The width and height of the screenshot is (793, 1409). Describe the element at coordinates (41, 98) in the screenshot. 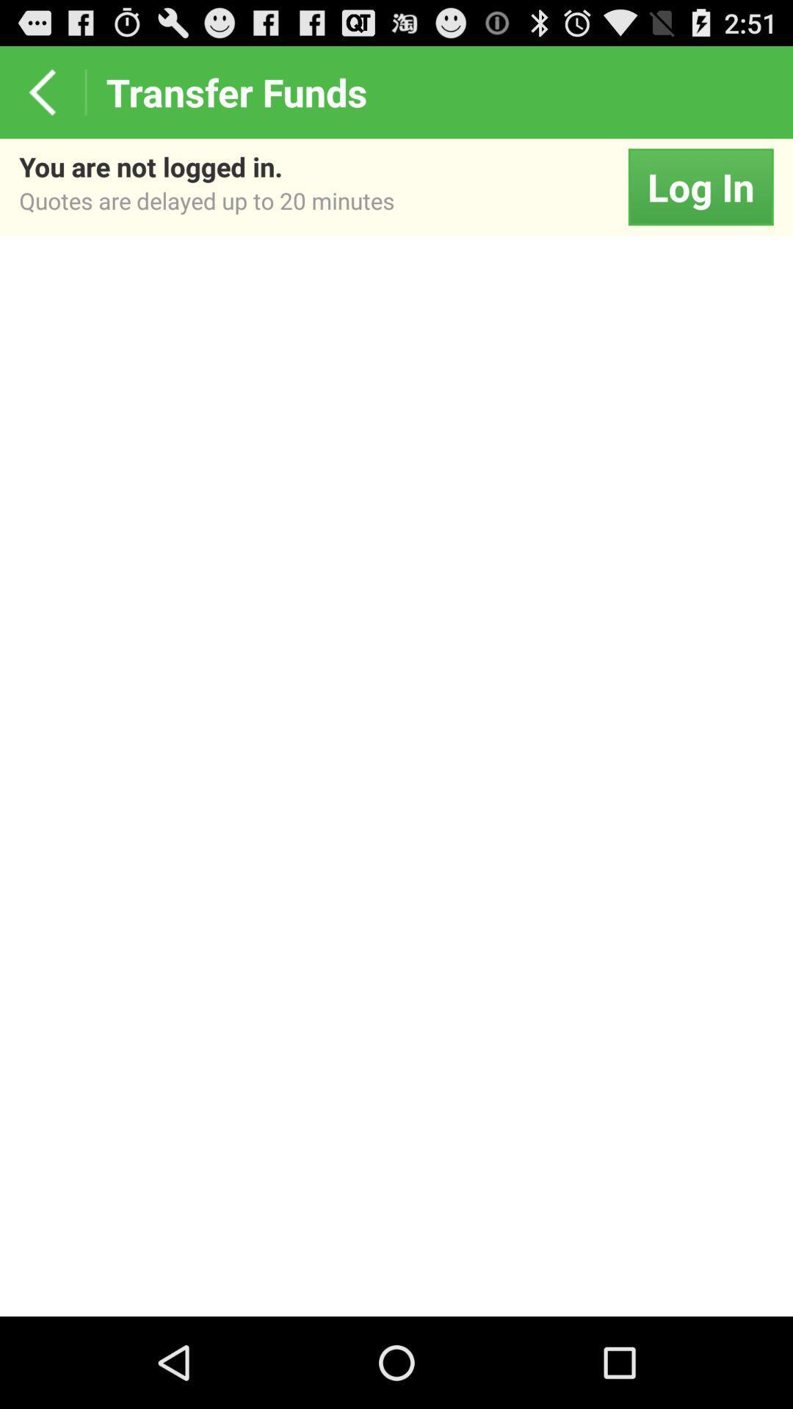

I see `the arrow_backward icon` at that location.